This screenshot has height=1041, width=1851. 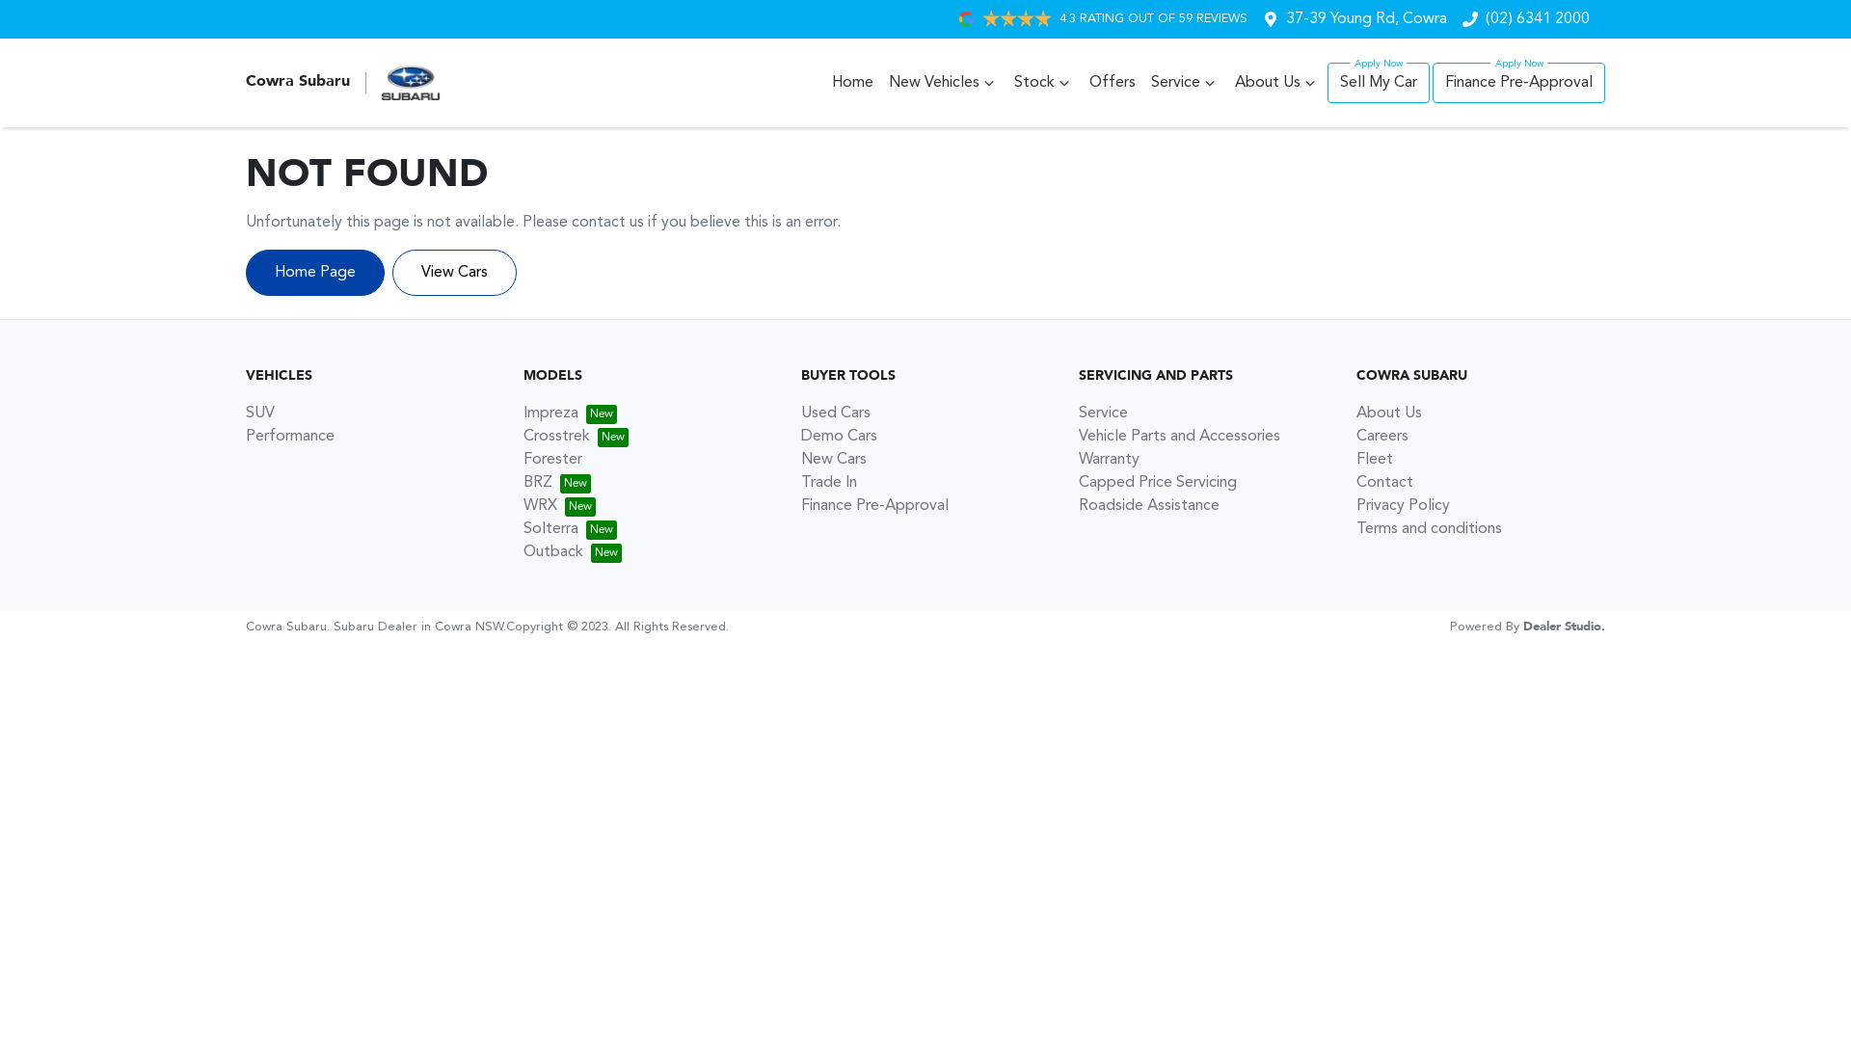 I want to click on 'BRZ', so click(x=555, y=482).